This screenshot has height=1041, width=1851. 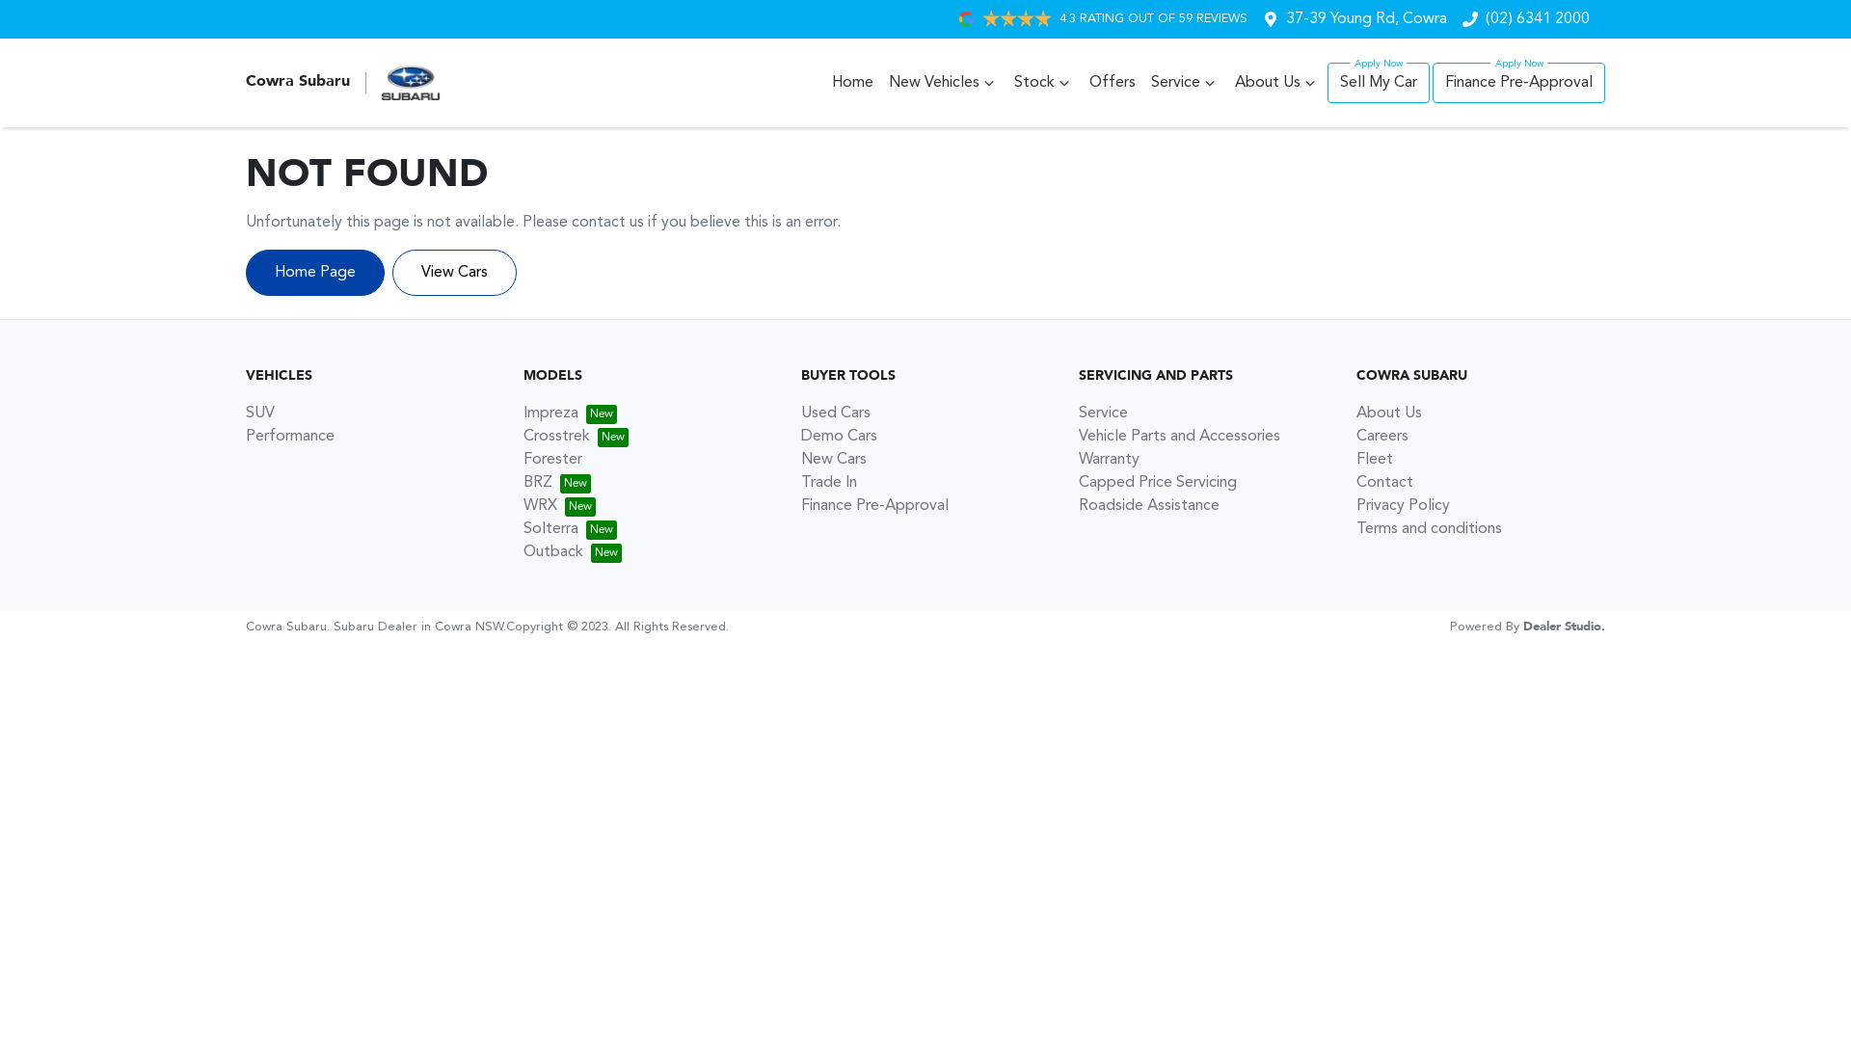 I want to click on 'BRZ', so click(x=555, y=482).